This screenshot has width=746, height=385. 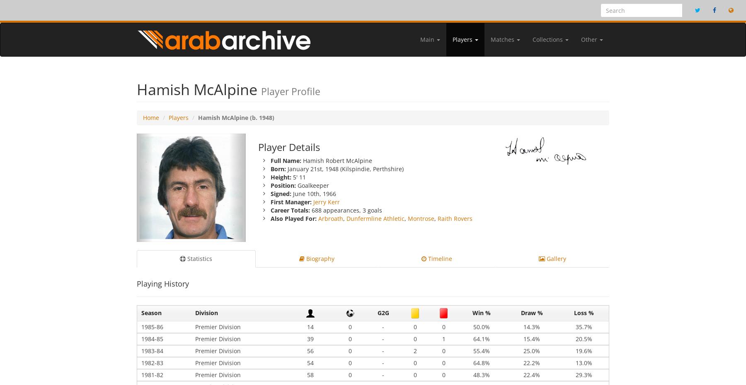 I want to click on '22.2%', so click(x=523, y=362).